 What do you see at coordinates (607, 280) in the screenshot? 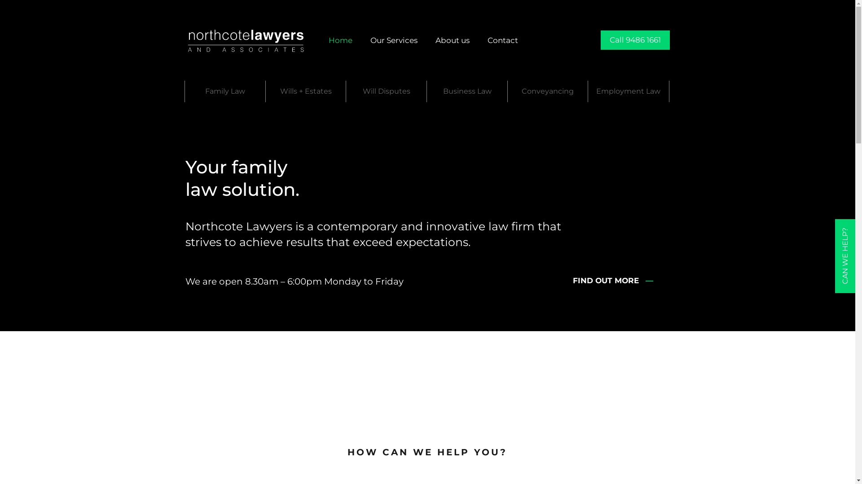
I see `'FIND OUT MORE'` at bounding box center [607, 280].